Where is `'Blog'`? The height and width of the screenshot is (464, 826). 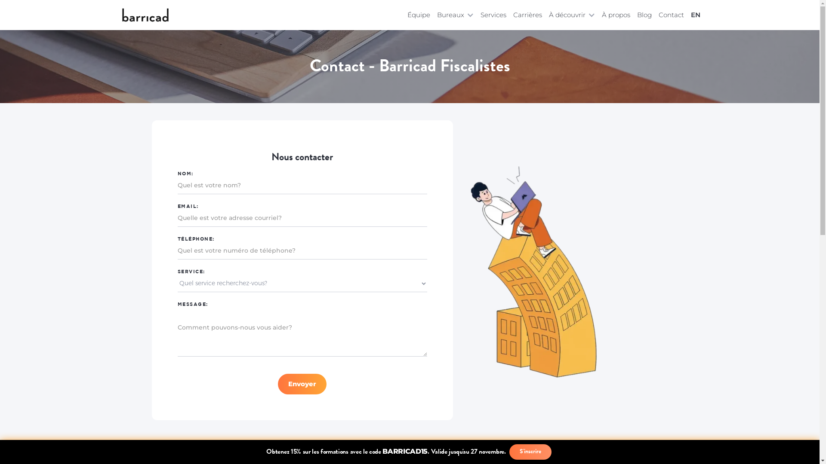 'Blog' is located at coordinates (644, 15).